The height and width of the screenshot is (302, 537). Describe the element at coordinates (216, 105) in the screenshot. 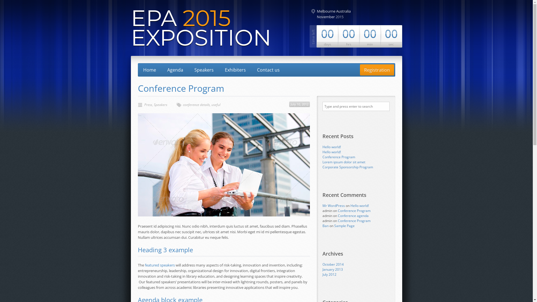

I see `'useful'` at that location.